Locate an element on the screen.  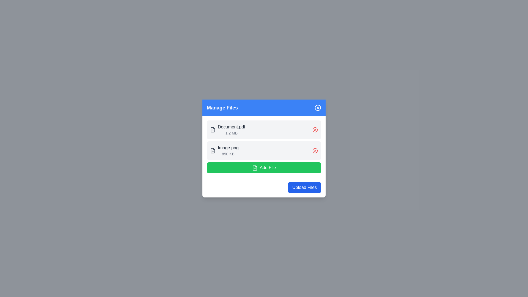
the close button located at the top-right corner of the 'Manage Files' section is located at coordinates (318, 108).